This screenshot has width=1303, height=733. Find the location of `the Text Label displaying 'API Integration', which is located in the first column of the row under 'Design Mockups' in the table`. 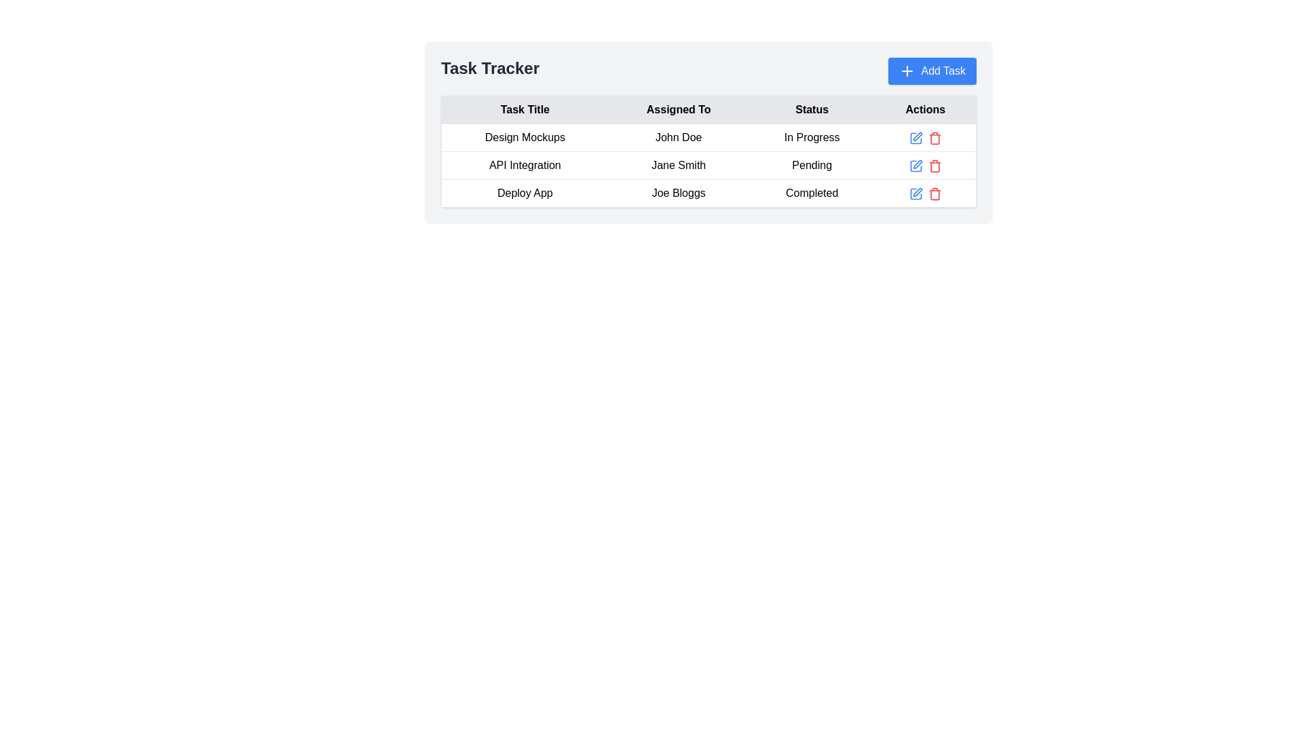

the Text Label displaying 'API Integration', which is located in the first column of the row under 'Design Mockups' in the table is located at coordinates (524, 164).